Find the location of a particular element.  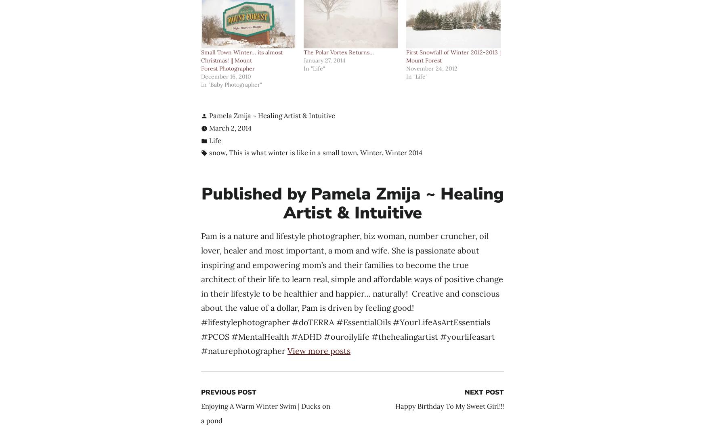

'Life' is located at coordinates (215, 140).